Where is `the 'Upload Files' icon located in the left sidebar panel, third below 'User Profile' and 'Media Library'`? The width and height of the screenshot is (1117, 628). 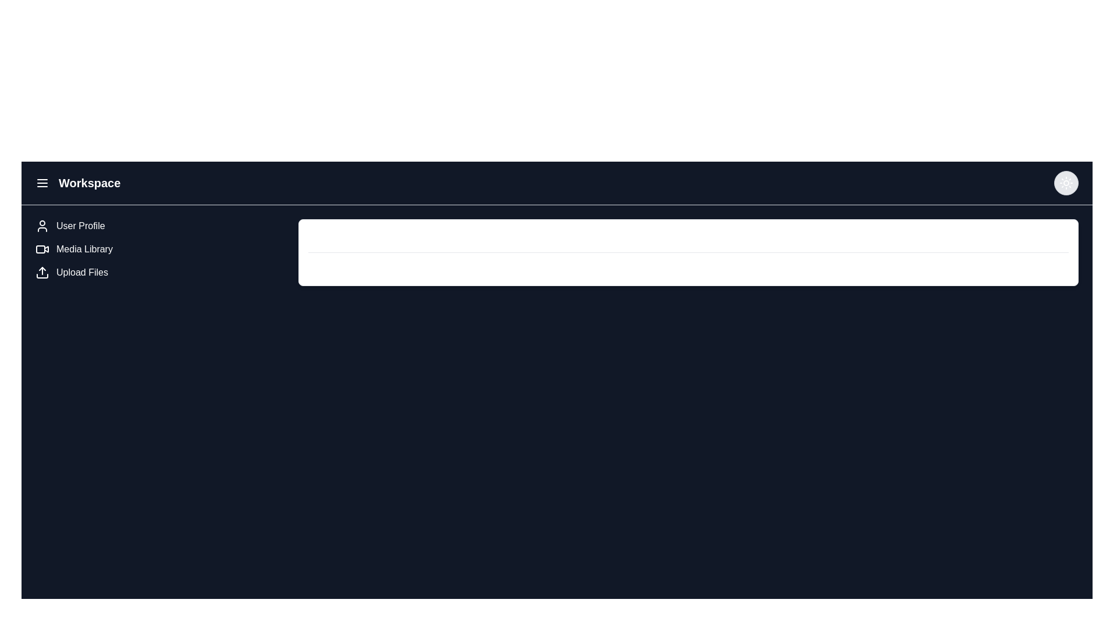
the 'Upload Files' icon located in the left sidebar panel, third below 'User Profile' and 'Media Library' is located at coordinates (42, 273).